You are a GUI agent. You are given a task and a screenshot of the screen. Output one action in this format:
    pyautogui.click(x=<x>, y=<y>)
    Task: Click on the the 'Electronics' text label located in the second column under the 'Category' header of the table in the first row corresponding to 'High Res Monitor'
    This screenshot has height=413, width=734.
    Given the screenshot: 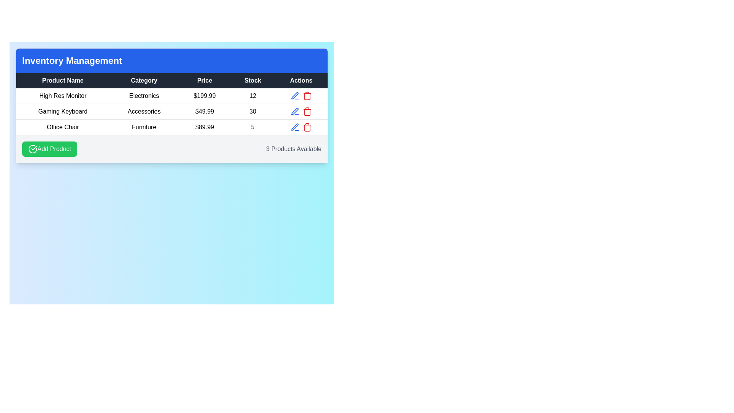 What is the action you would take?
    pyautogui.click(x=144, y=96)
    